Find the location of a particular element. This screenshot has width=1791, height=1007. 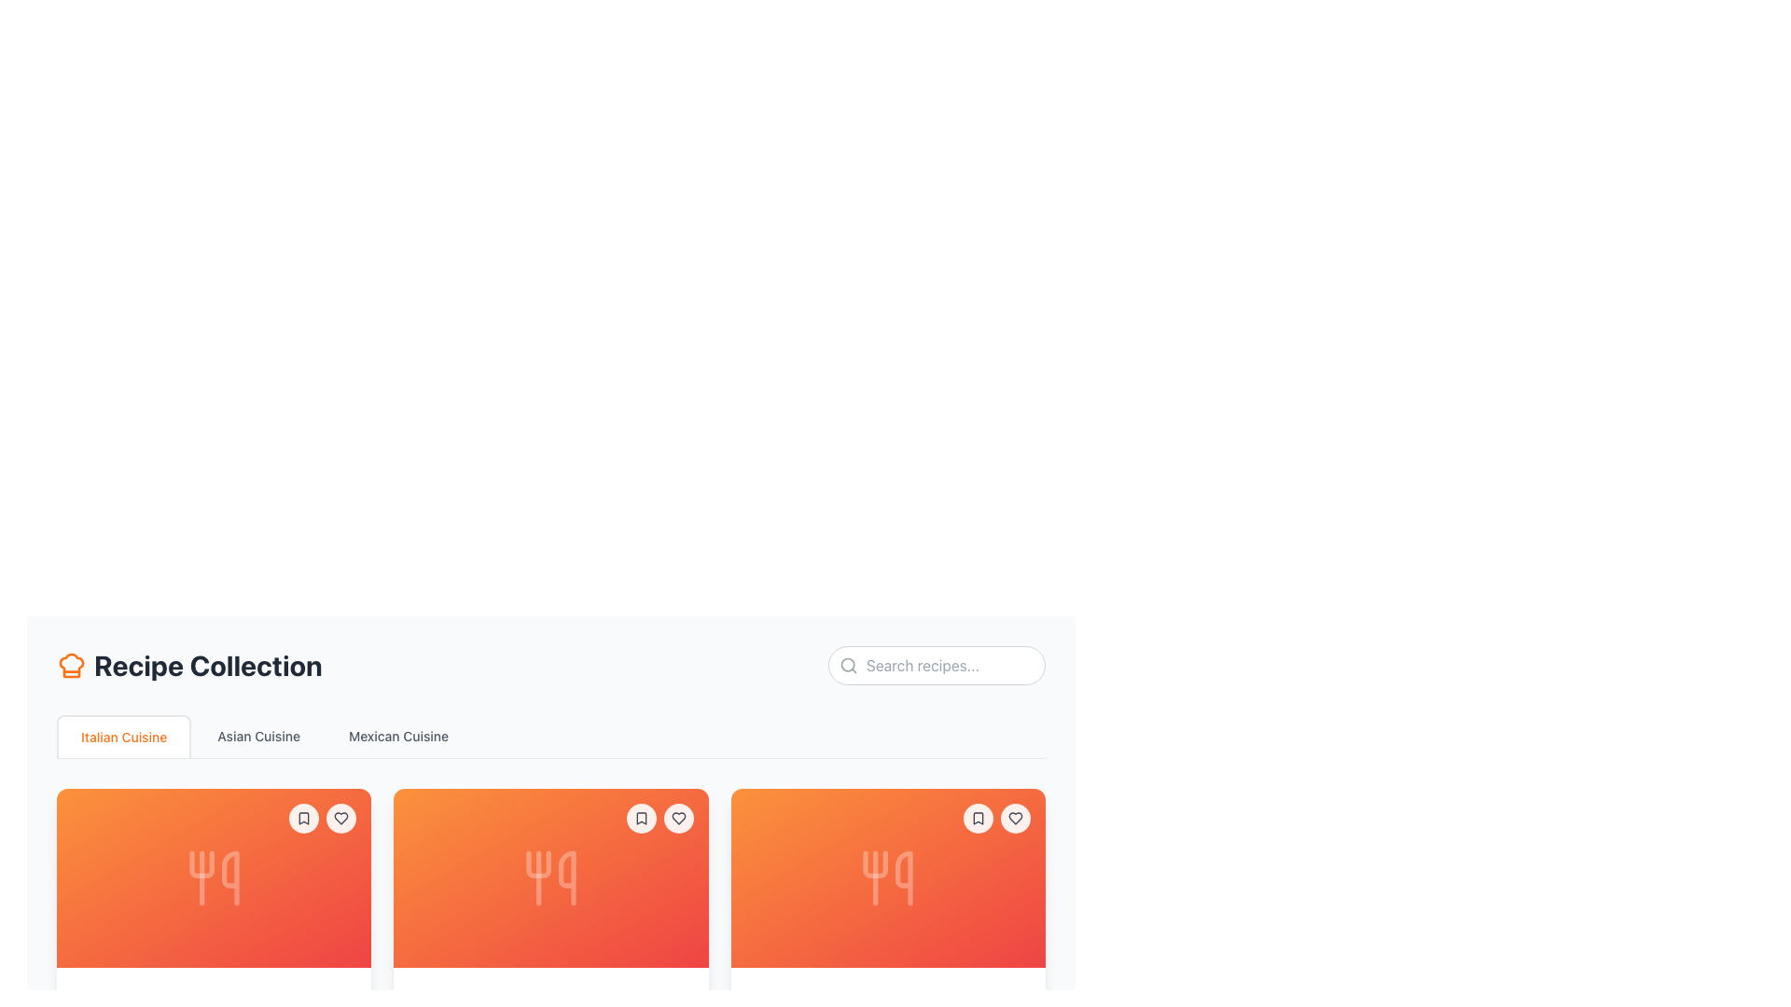

the heart button in the top-right corner of the gradient card to like the item is located at coordinates (996, 818).